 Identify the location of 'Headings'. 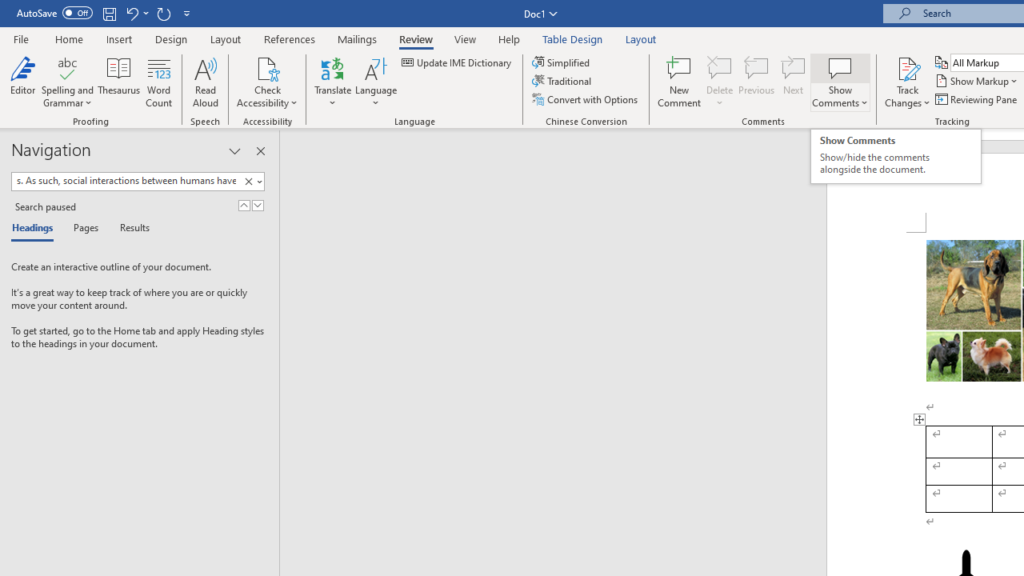
(36, 229).